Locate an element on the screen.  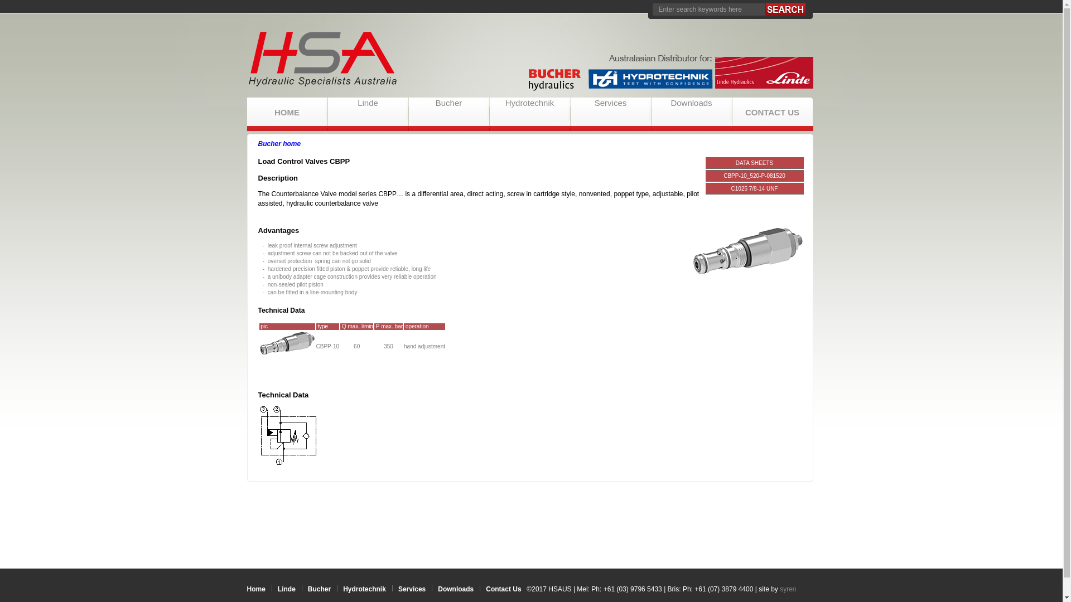
'C1025 7/8-14 UNF' is located at coordinates (755, 188).